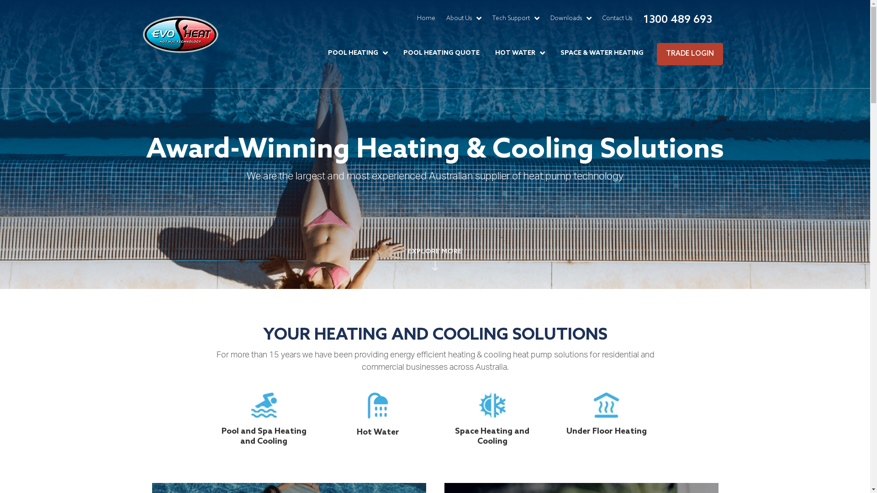 Image resolution: width=877 pixels, height=493 pixels. What do you see at coordinates (492, 18) in the screenshot?
I see `'Tech Support'` at bounding box center [492, 18].